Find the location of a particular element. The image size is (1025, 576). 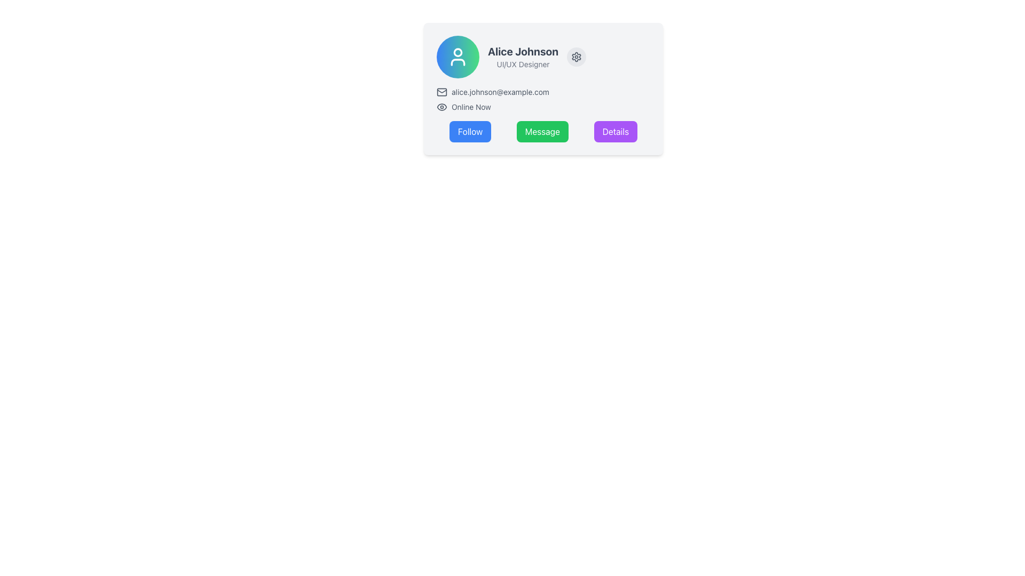

the eye-shaped icon with a gray stroke color, located to the left of the 'Online Now' text label is located at coordinates (442, 107).